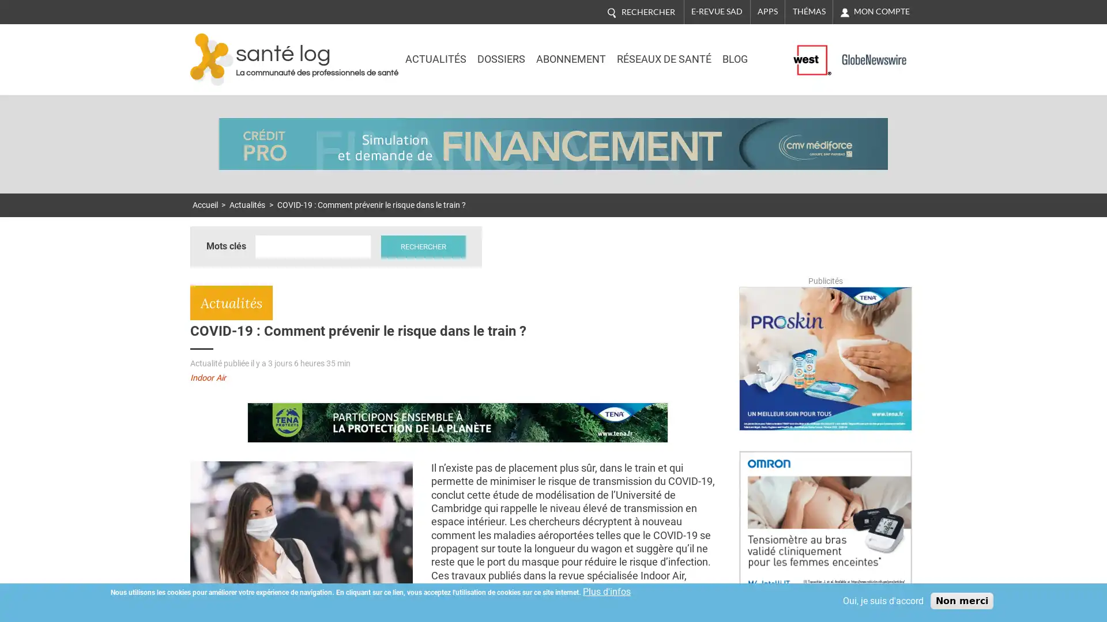 The width and height of the screenshot is (1107, 622). What do you see at coordinates (423, 245) in the screenshot?
I see `Rechercher` at bounding box center [423, 245].